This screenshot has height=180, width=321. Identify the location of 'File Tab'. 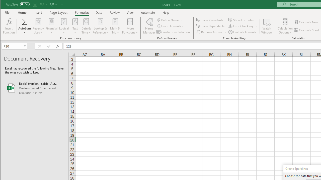
(7, 12).